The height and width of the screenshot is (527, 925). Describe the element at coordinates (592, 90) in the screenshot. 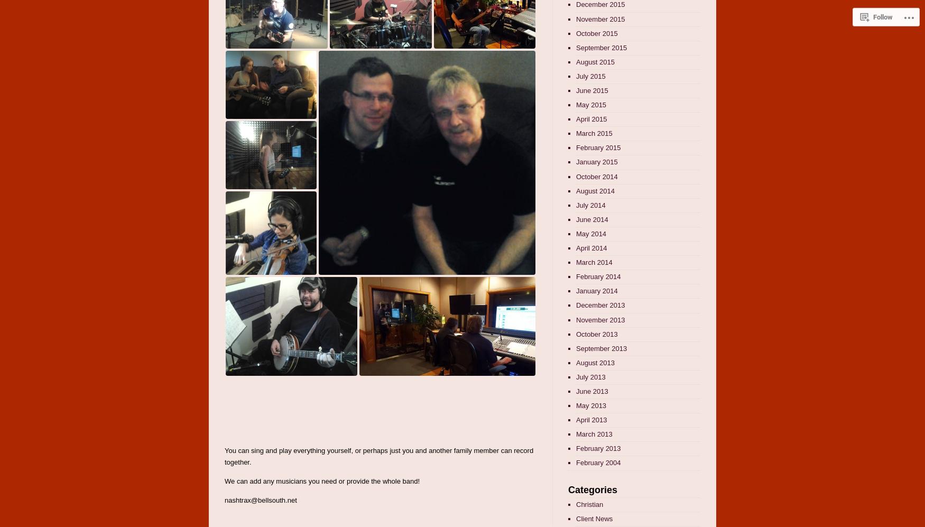

I see `'June 2015'` at that location.